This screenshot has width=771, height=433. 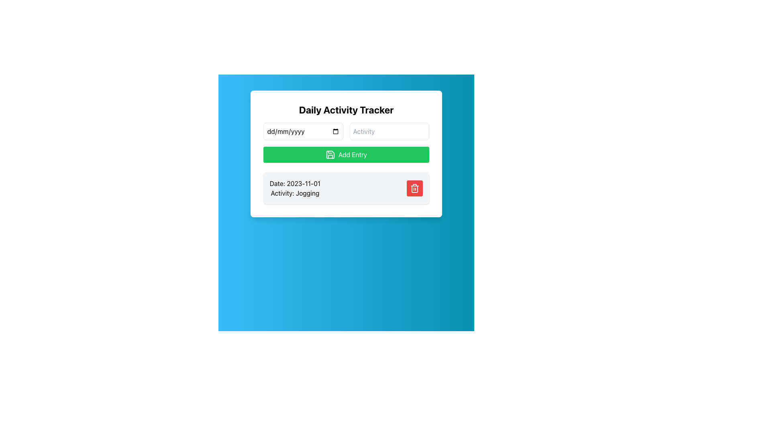 What do you see at coordinates (346, 154) in the screenshot?
I see `the green 'Add Entry' button with a save icon` at bounding box center [346, 154].